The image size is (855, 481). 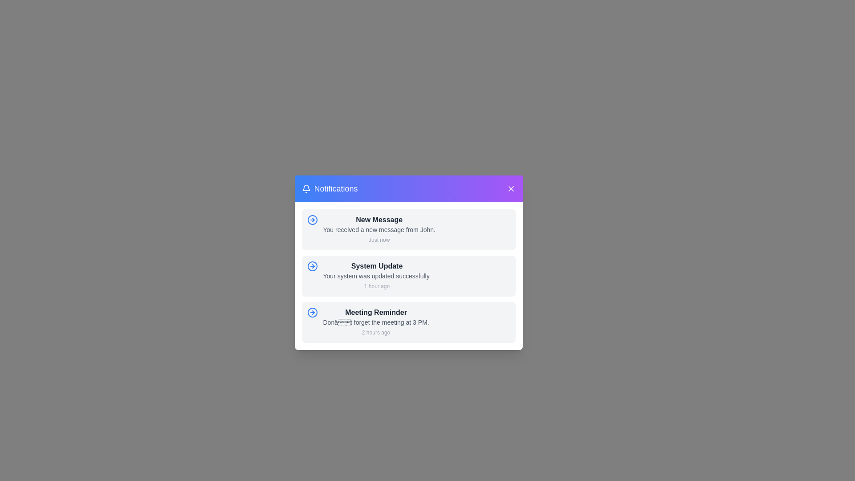 I want to click on the visual presence of the SVG Circle that represents the 'Meeting Reminder' notification, which is part of the iconography system in the notifications list, so click(x=312, y=312).